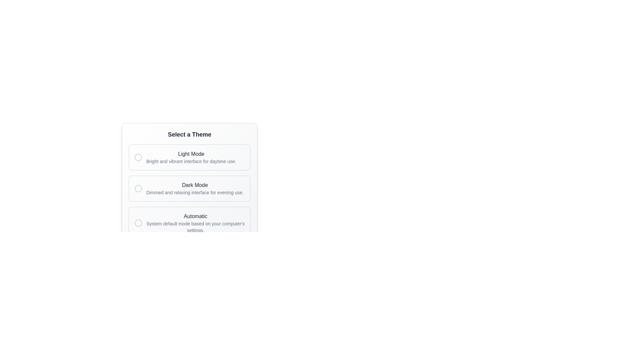 This screenshot has width=637, height=358. I want to click on the first radio button styled with a gray border for the 'Light Mode' option, so click(138, 157).